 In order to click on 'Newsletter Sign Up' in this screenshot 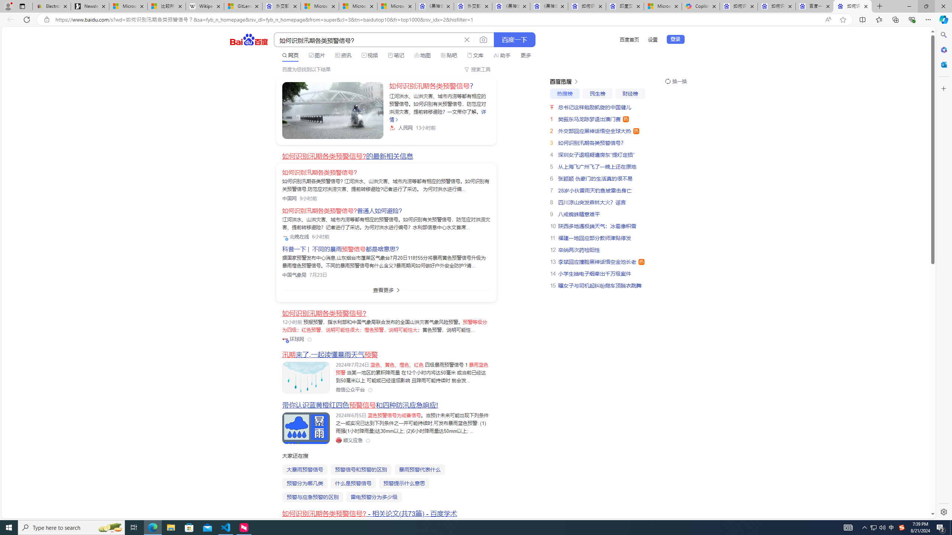, I will do `click(89, 6)`.